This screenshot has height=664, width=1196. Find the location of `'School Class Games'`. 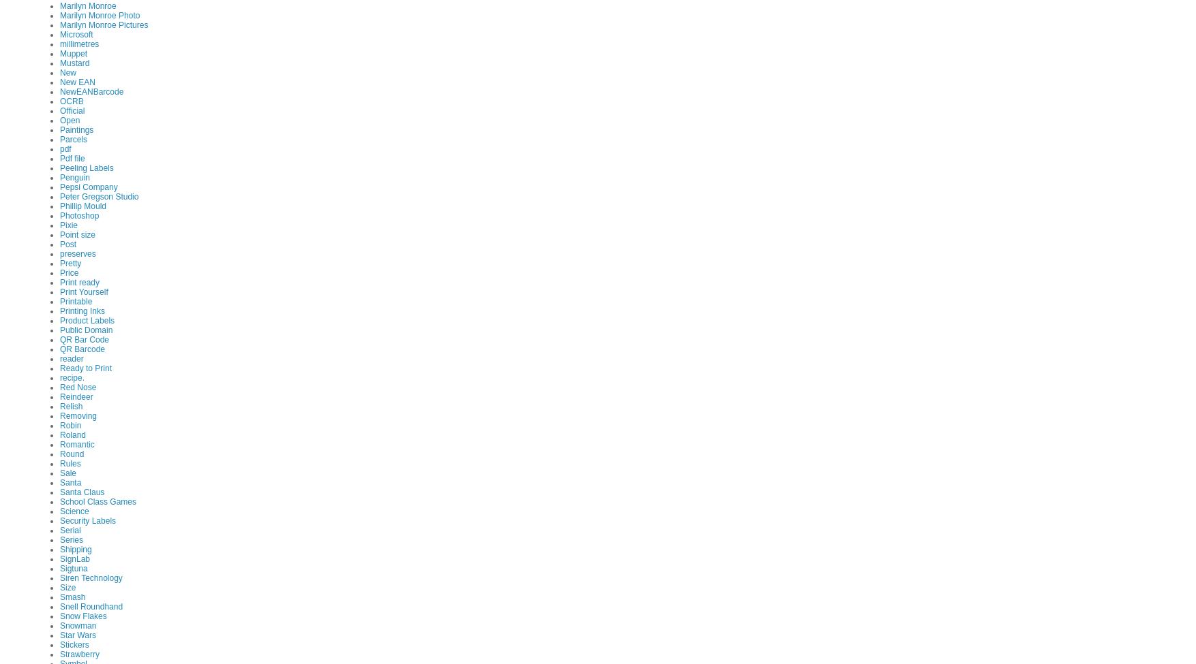

'School Class Games' is located at coordinates (98, 501).